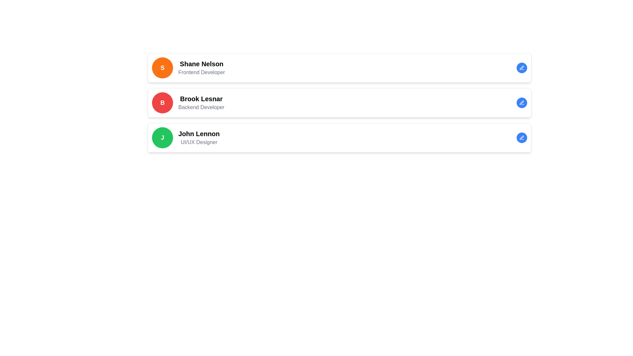 The width and height of the screenshot is (633, 356). What do you see at coordinates (201, 107) in the screenshot?
I see `the static text label 'Backend Developer' which is positioned below the name 'Brook Lesnar' in the second card of the vertical list` at bounding box center [201, 107].